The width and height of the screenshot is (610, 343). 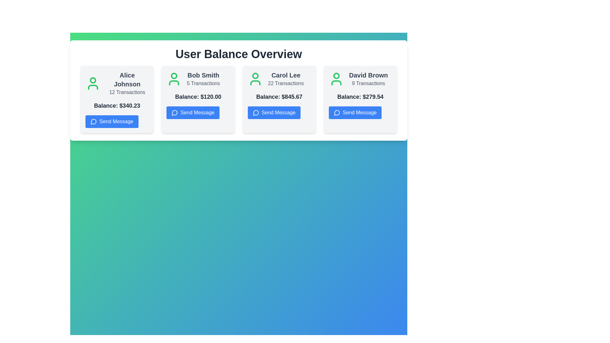 I want to click on the user icon located at the top left of the card labeled 'Bob Smith', which contains user-related information, so click(x=174, y=79).